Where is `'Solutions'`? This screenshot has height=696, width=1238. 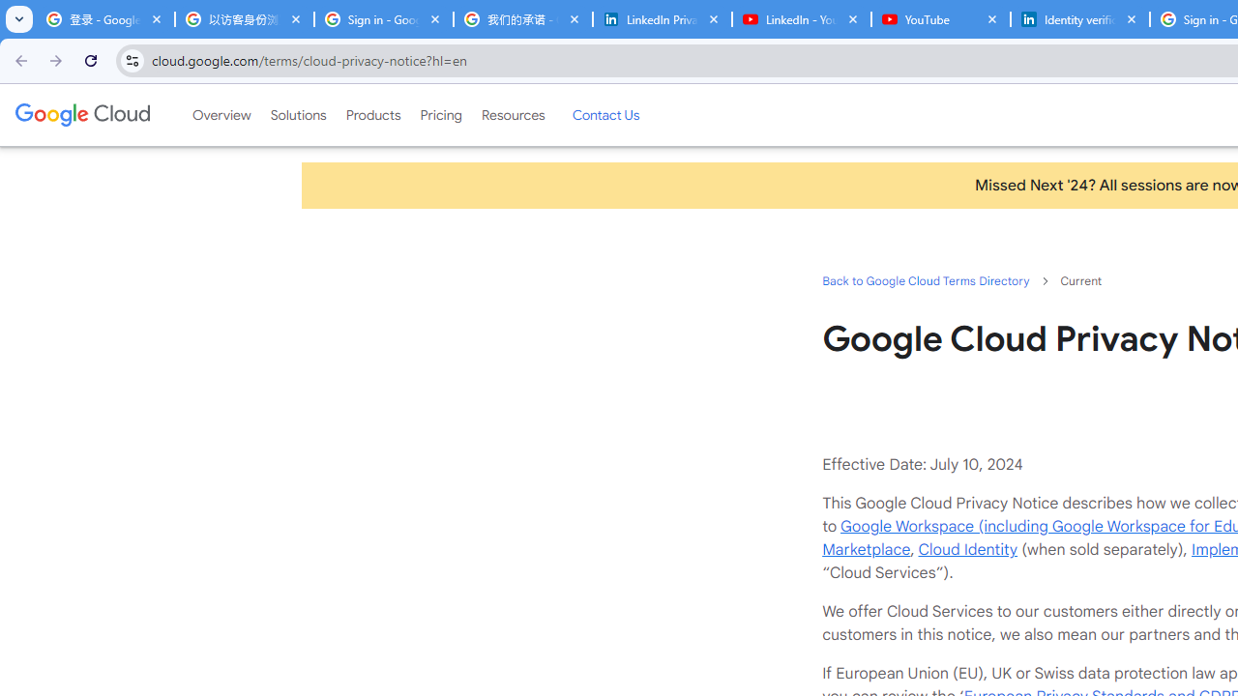 'Solutions' is located at coordinates (297, 115).